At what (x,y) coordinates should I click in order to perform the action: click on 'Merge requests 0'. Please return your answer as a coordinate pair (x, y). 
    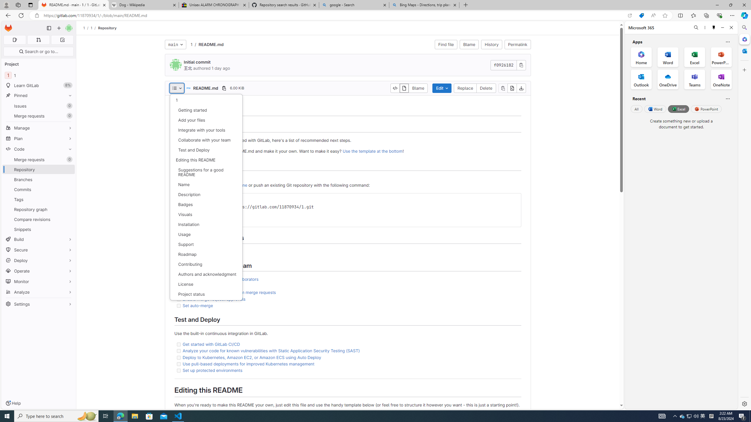
    Looking at the image, I should click on (38, 159).